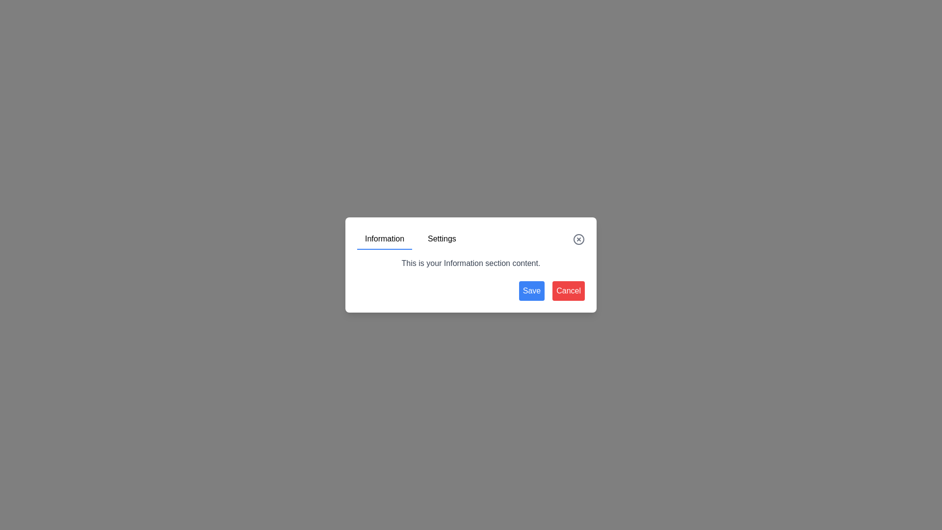 Image resolution: width=942 pixels, height=530 pixels. I want to click on the 'Information' tab at the top left of the modal dialog, so click(384, 239).